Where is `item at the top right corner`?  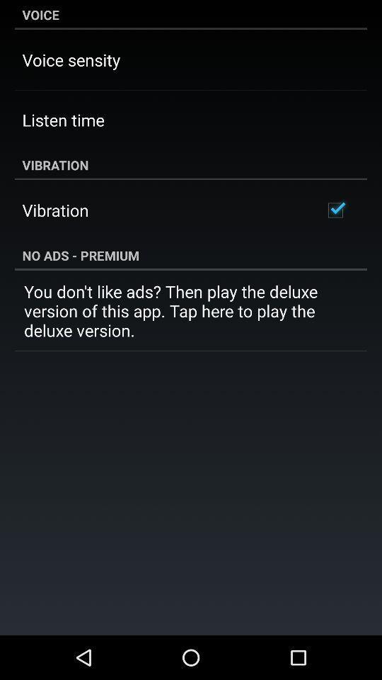 item at the top right corner is located at coordinates (335, 210).